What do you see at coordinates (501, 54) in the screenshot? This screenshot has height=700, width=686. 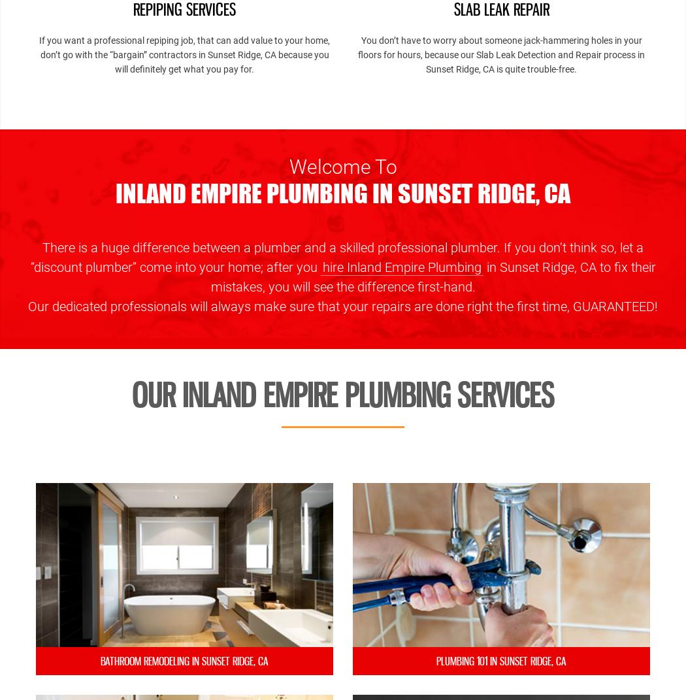 I see `'You don’t have to worry about someone jack-hammering holes in your floors for hours, because our Slab Leak Detection and Repair process in Sunset Ridge, CA is quite trouble-free.'` at bounding box center [501, 54].